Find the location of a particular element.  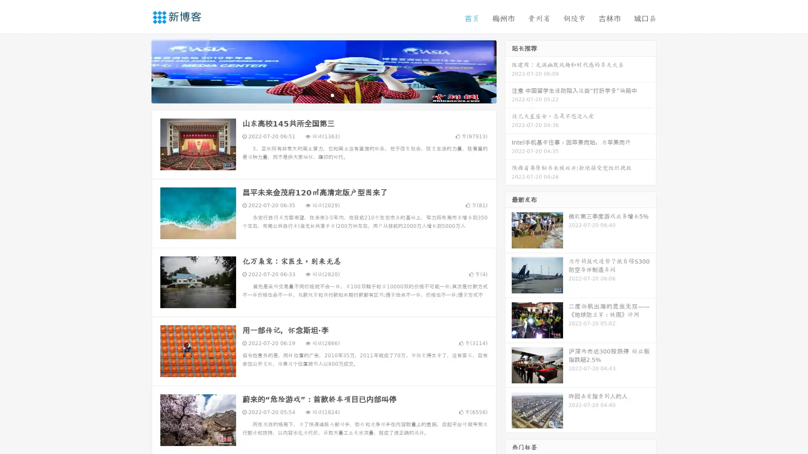

Next slide is located at coordinates (508, 71).